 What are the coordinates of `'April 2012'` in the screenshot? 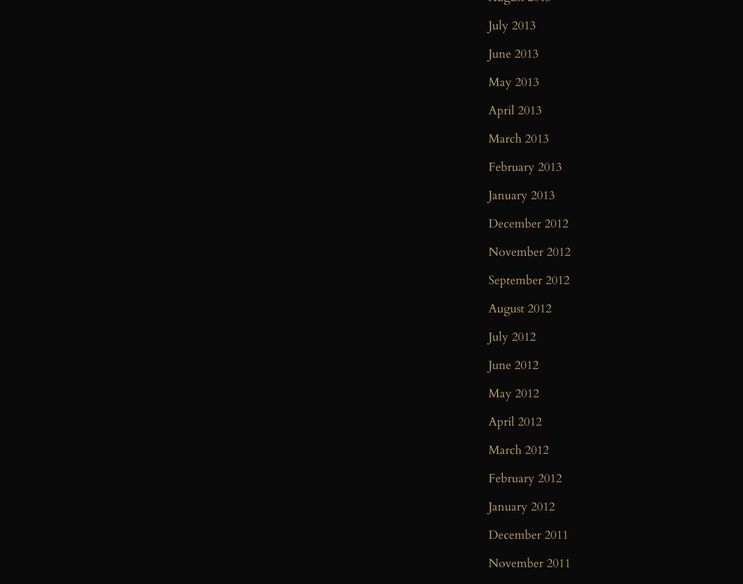 It's located at (488, 421).